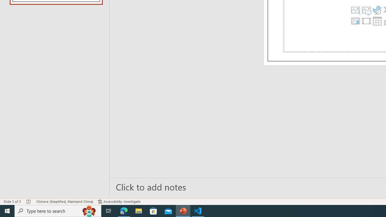  I want to click on 'Insert Table', so click(376, 20).